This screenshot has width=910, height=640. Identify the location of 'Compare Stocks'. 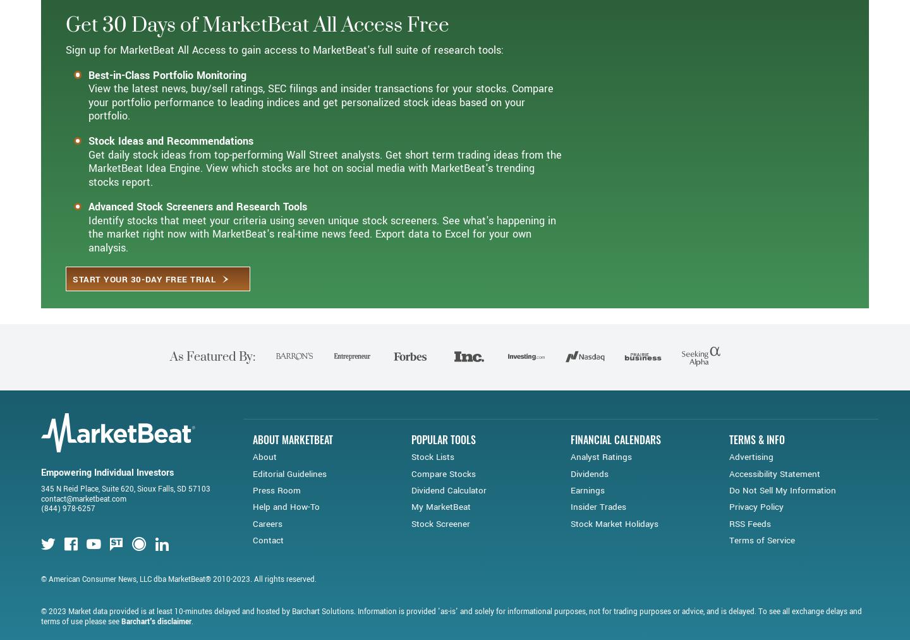
(444, 518).